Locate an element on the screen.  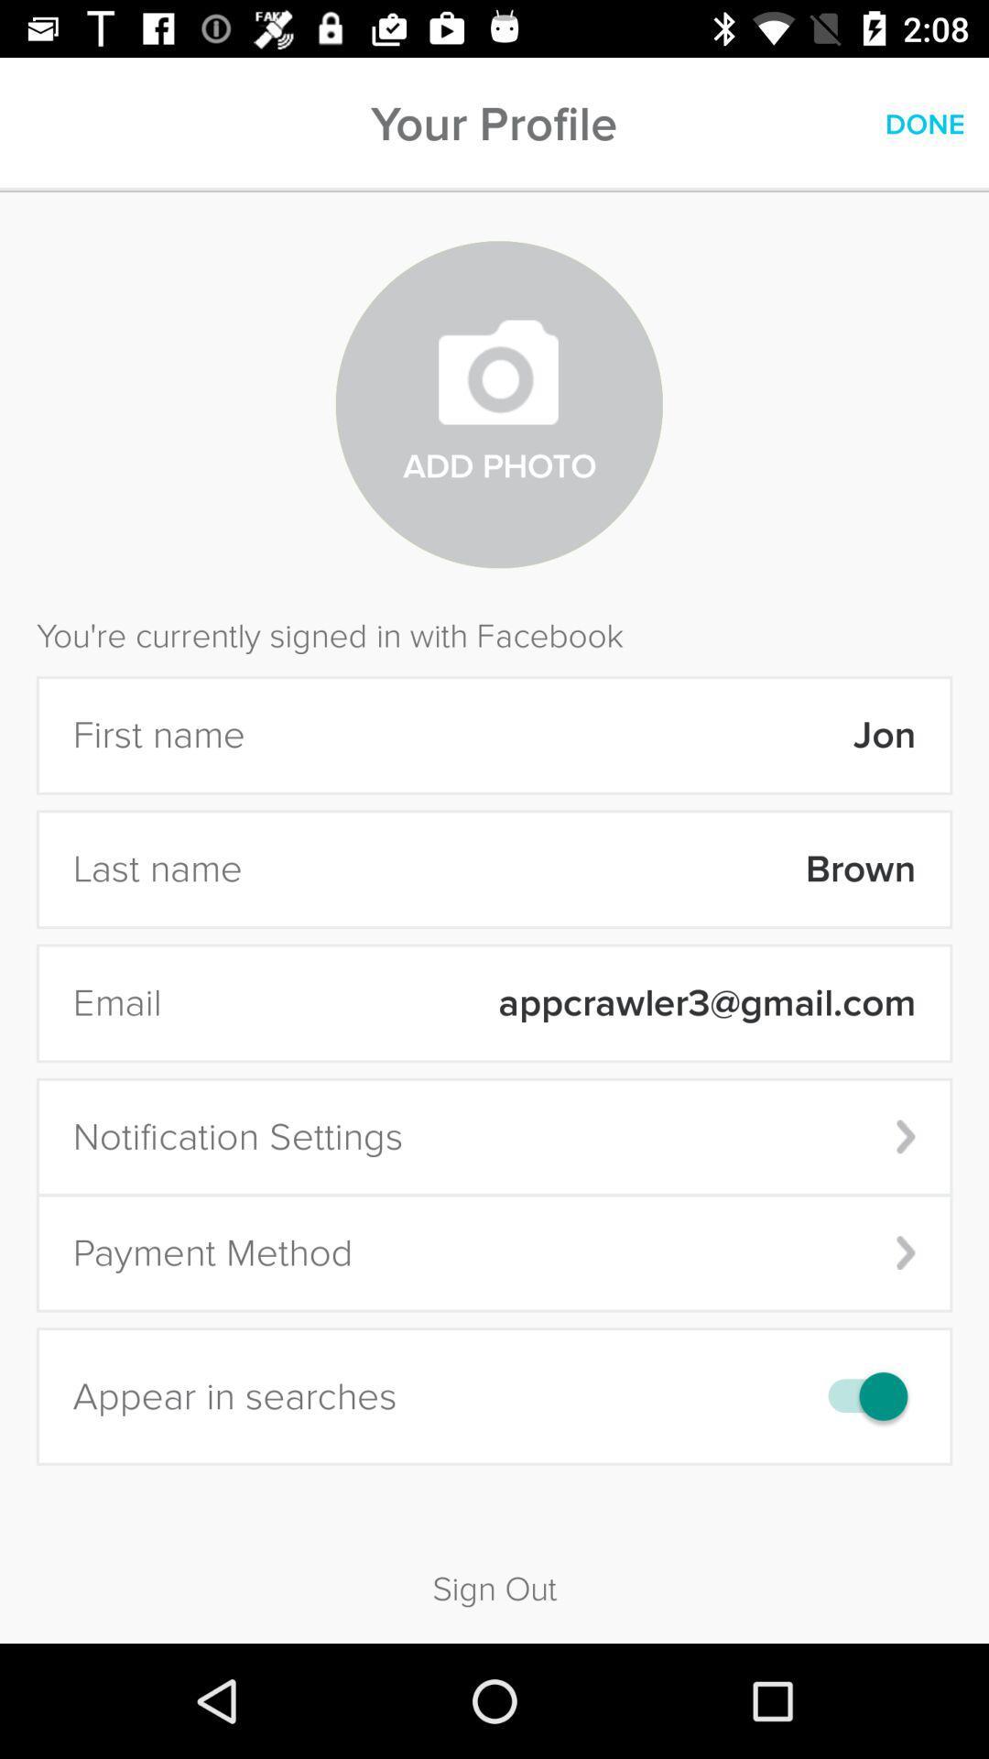
icon to the right of last name item is located at coordinates (591, 869).